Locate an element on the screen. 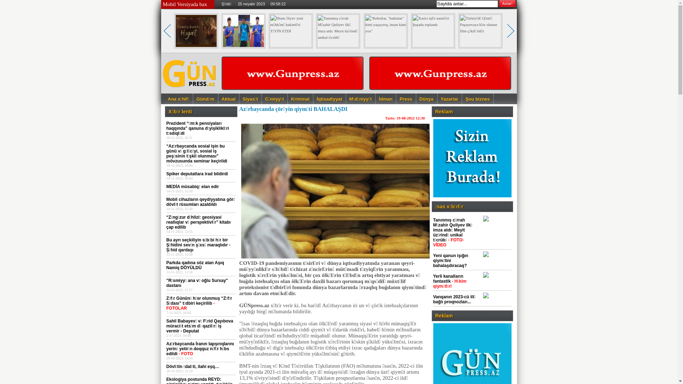 This screenshot has height=384, width=683. 'Yazarlar' is located at coordinates (437, 98).